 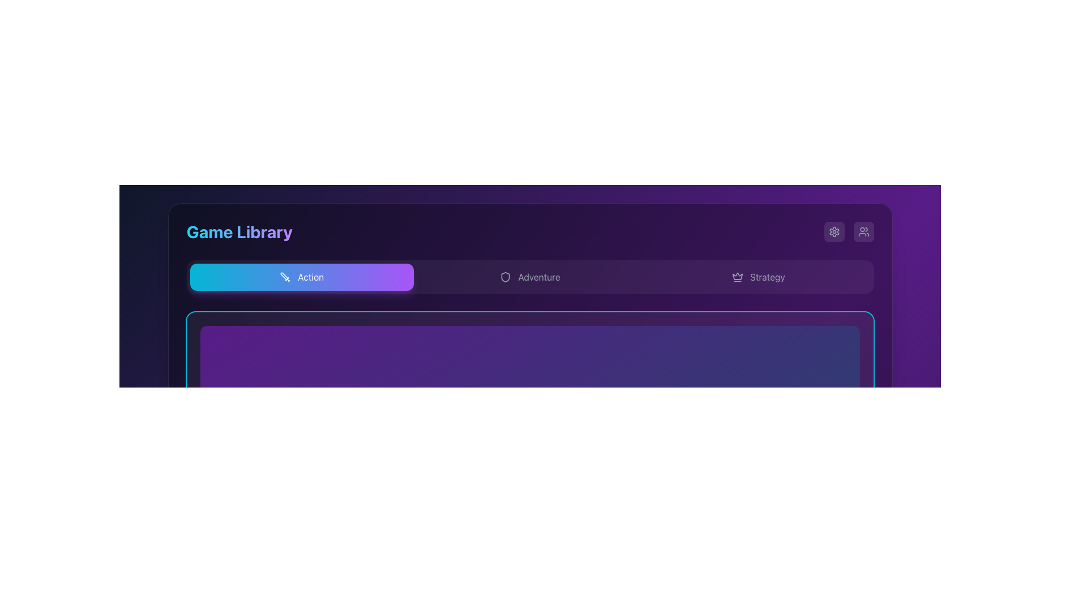 I want to click on the gear-shaped settings icon located at the top-right corner of the interface, positioned to the left of the user profile icon, so click(x=834, y=231).